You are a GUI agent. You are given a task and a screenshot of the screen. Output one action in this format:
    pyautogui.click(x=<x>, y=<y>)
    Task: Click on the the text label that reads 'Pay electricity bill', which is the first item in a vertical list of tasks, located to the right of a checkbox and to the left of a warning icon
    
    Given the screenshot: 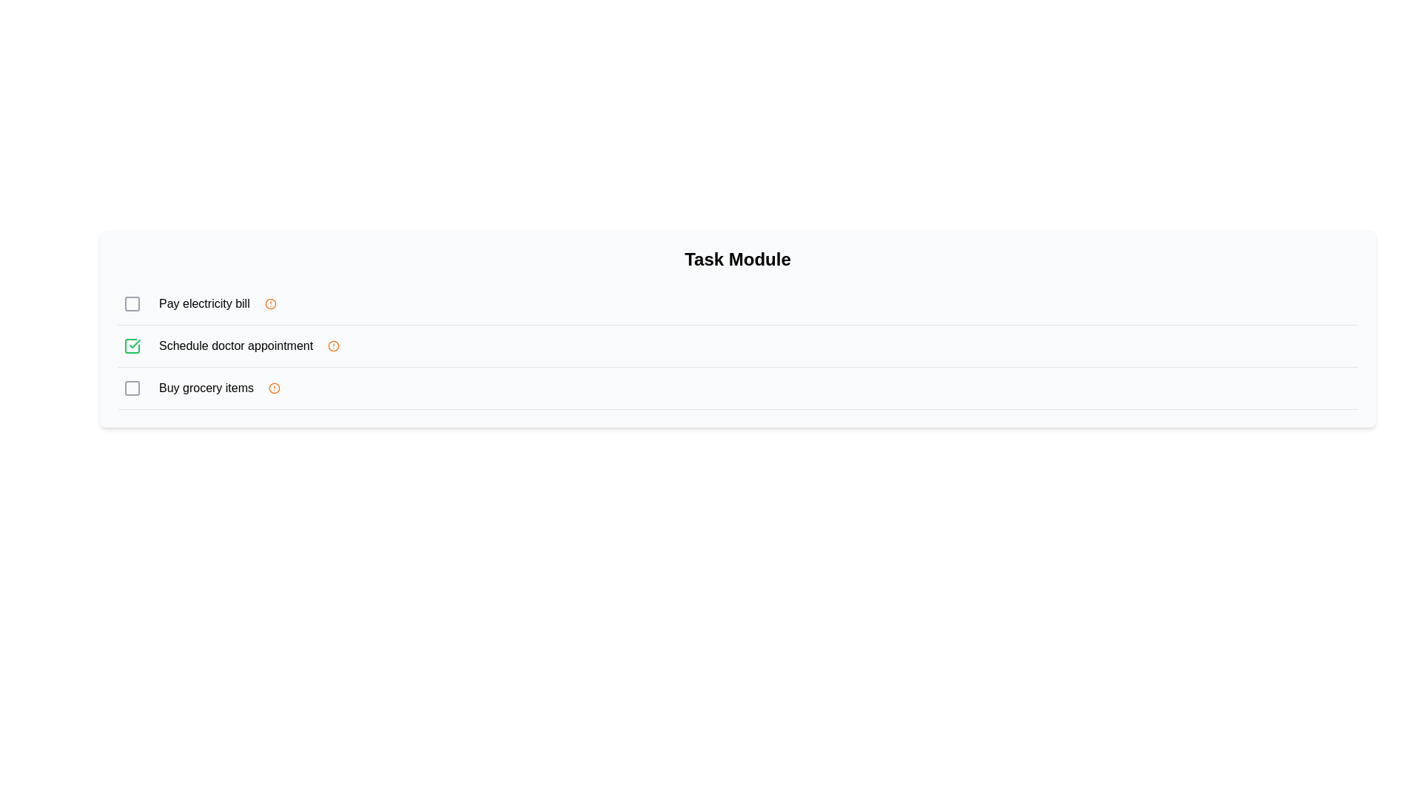 What is the action you would take?
    pyautogui.click(x=204, y=303)
    